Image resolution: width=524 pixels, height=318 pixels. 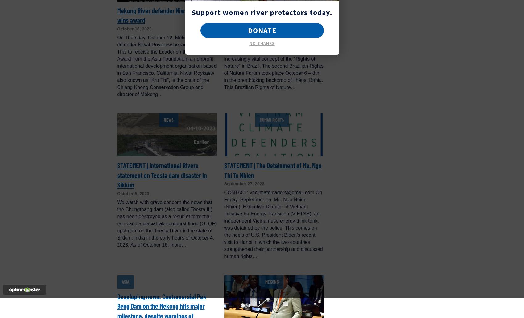 What do you see at coordinates (241, 29) in the screenshot?
I see `'October 10, 2023'` at bounding box center [241, 29].